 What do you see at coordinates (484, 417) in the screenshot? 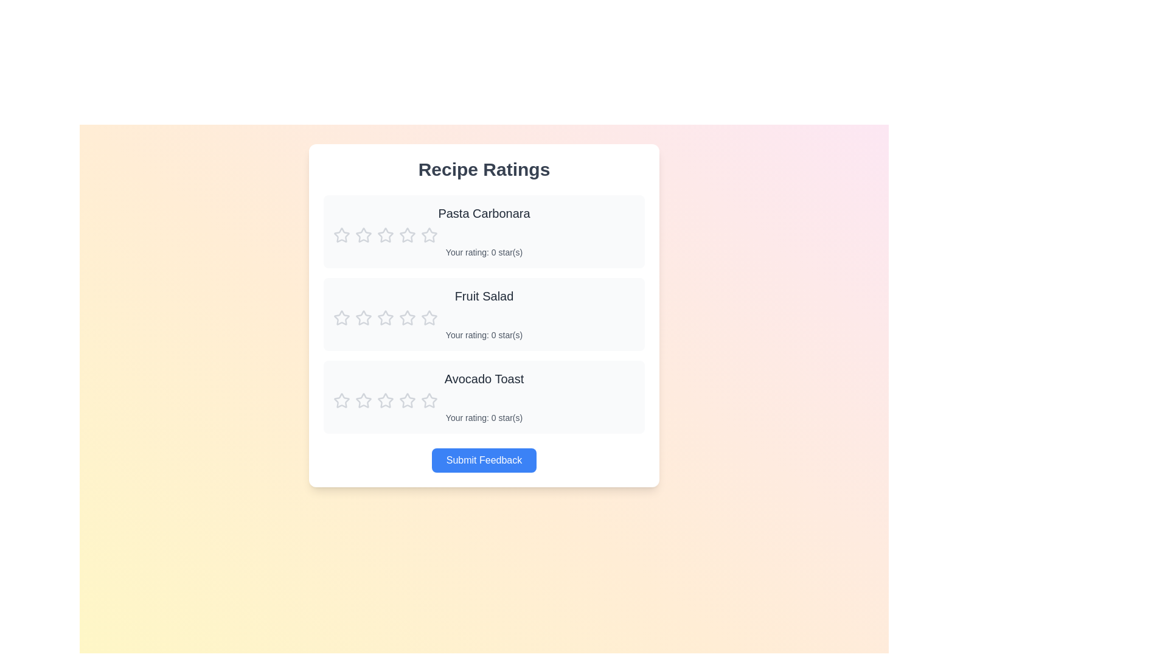
I see `the static text label displaying 'Your rating: 0 star(s)' located beneath the star rating elements in the 'Avocado Toast' card` at bounding box center [484, 417].